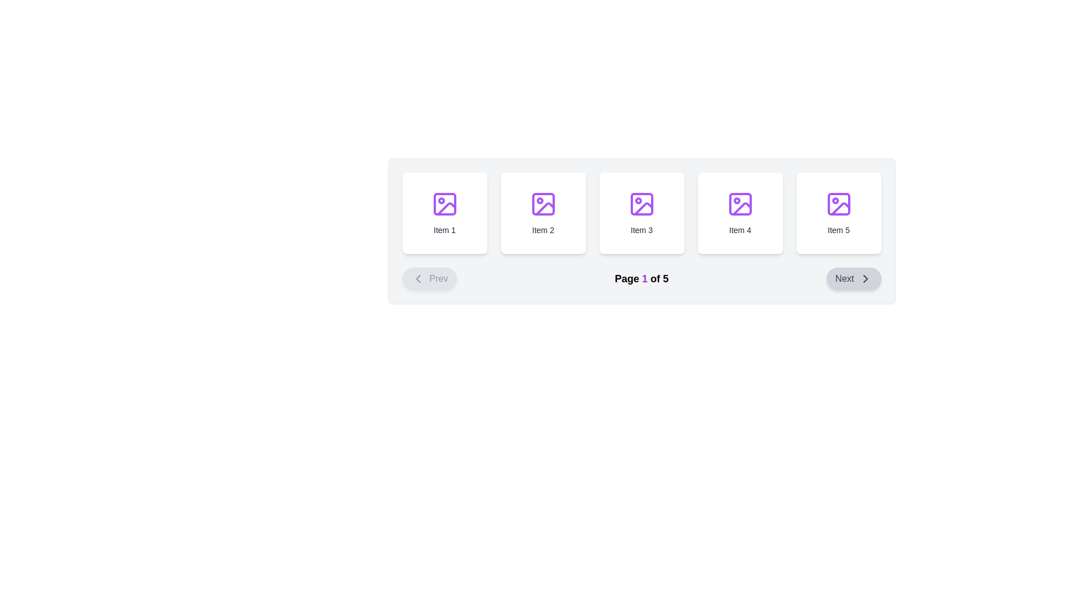  I want to click on the left-pointing chevron icon within the 'Prev' button in the pagination interface, indicating a navigation action to the left, so click(417, 279).